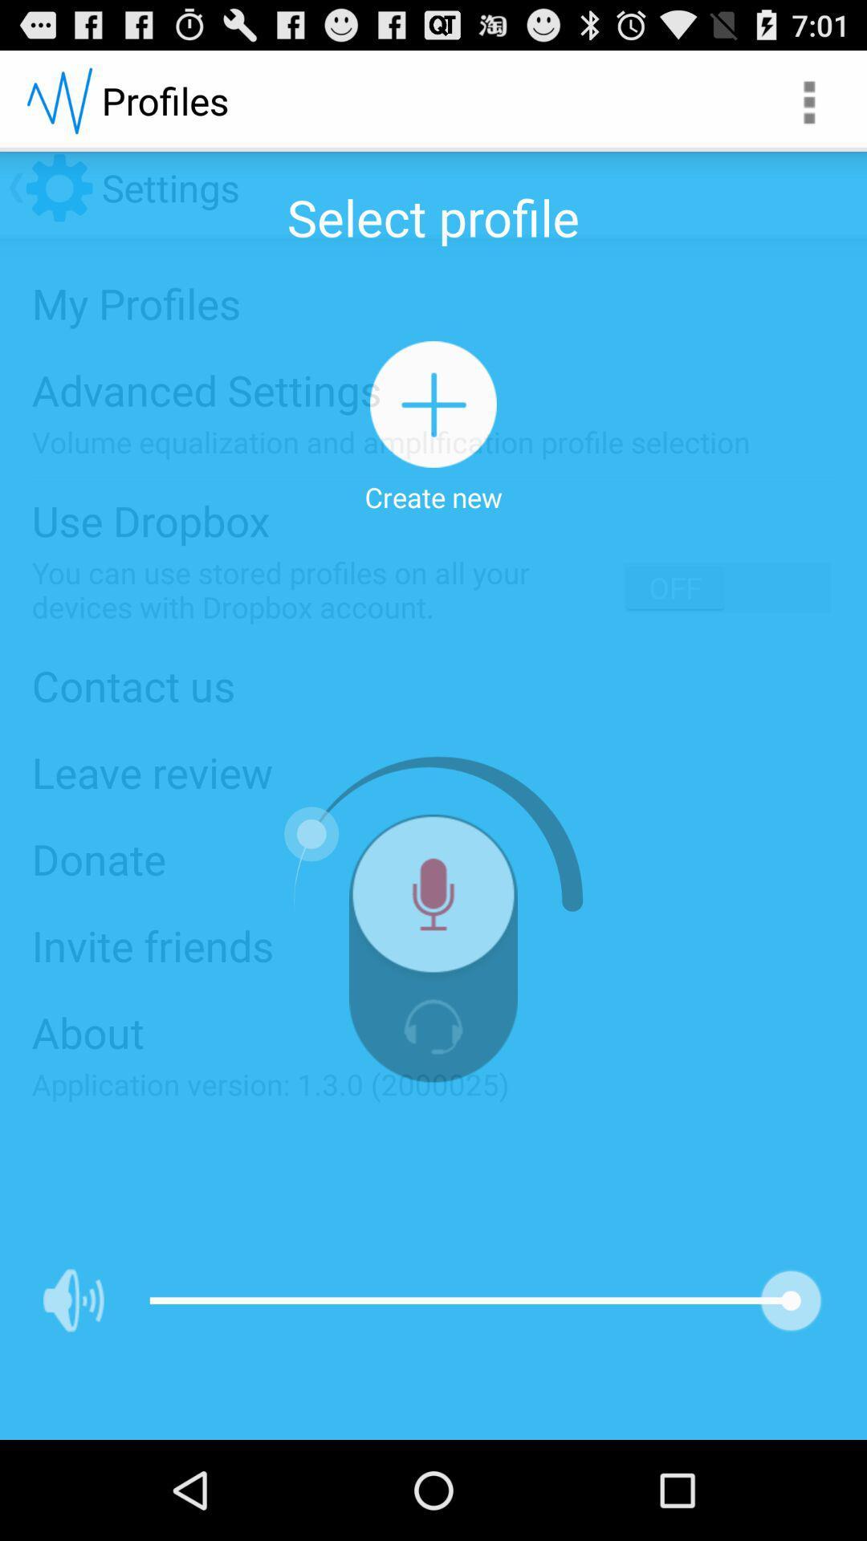  I want to click on the app to the right of profiles icon, so click(808, 100).